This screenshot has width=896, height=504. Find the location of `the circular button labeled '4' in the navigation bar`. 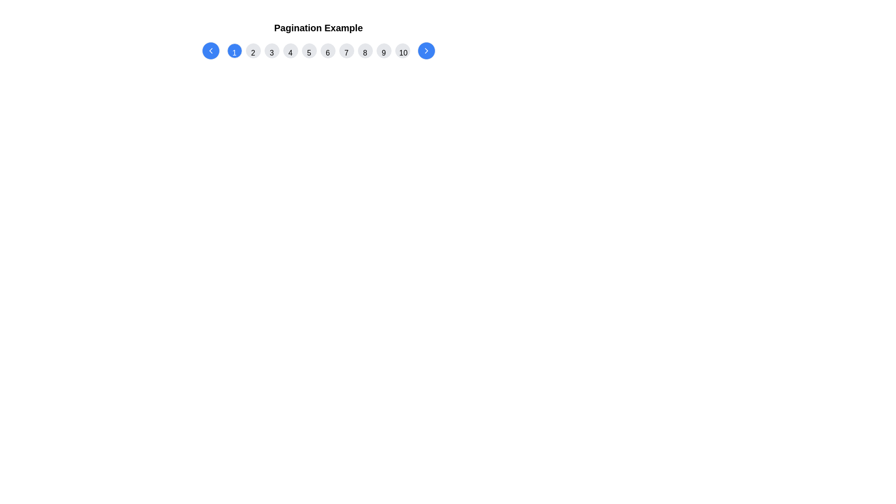

the circular button labeled '4' in the navigation bar is located at coordinates (290, 50).